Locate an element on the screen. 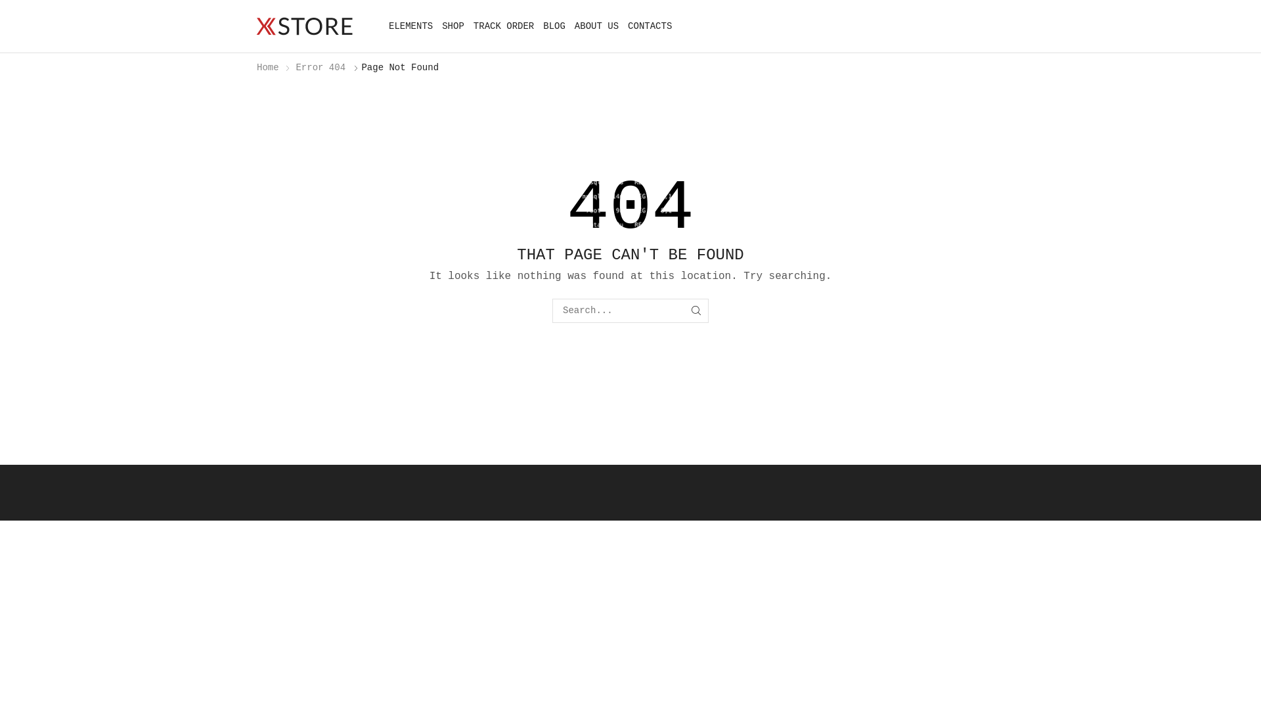  'CONTACTS' is located at coordinates (650, 26).